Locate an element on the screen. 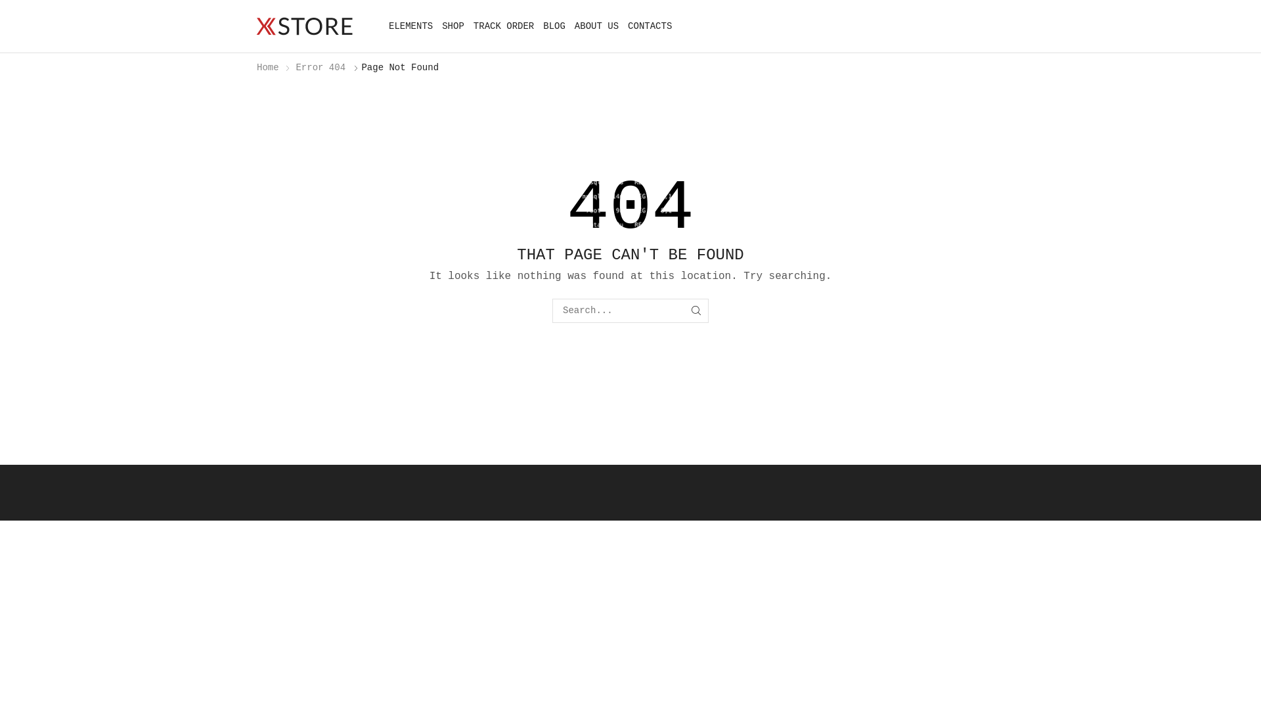  'CONTACTS' is located at coordinates (650, 26).